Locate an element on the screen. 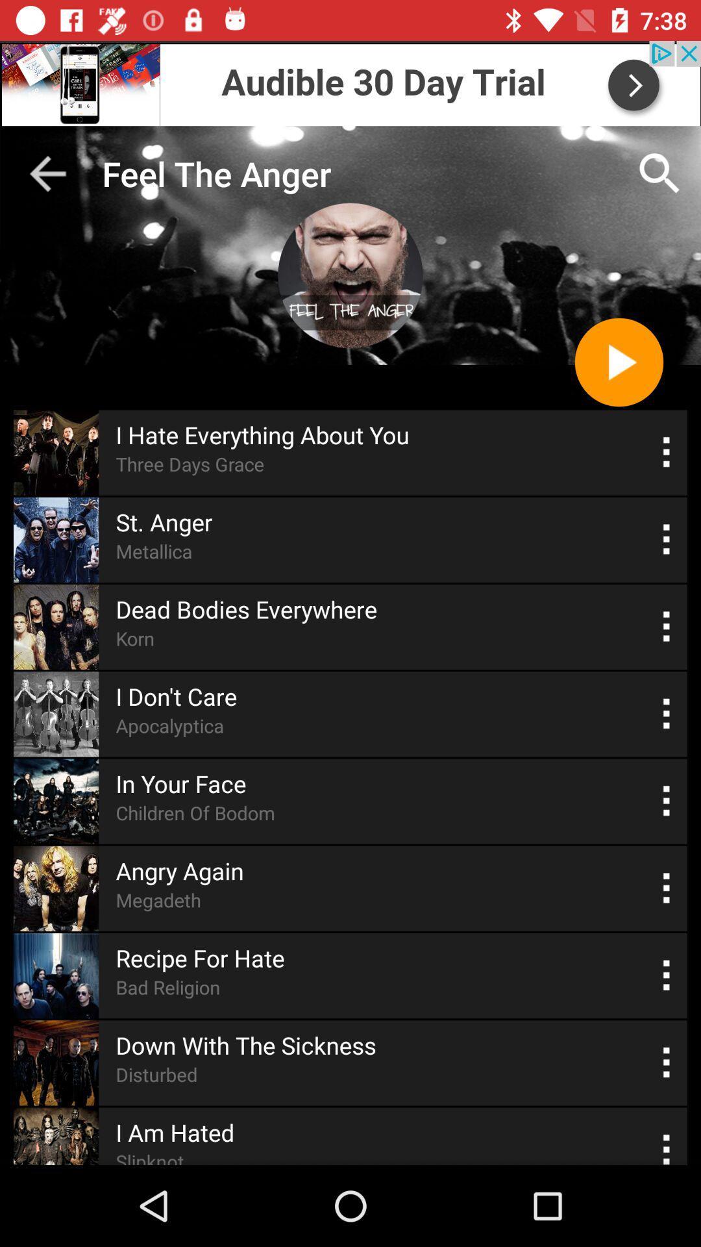  more options is located at coordinates (667, 800).